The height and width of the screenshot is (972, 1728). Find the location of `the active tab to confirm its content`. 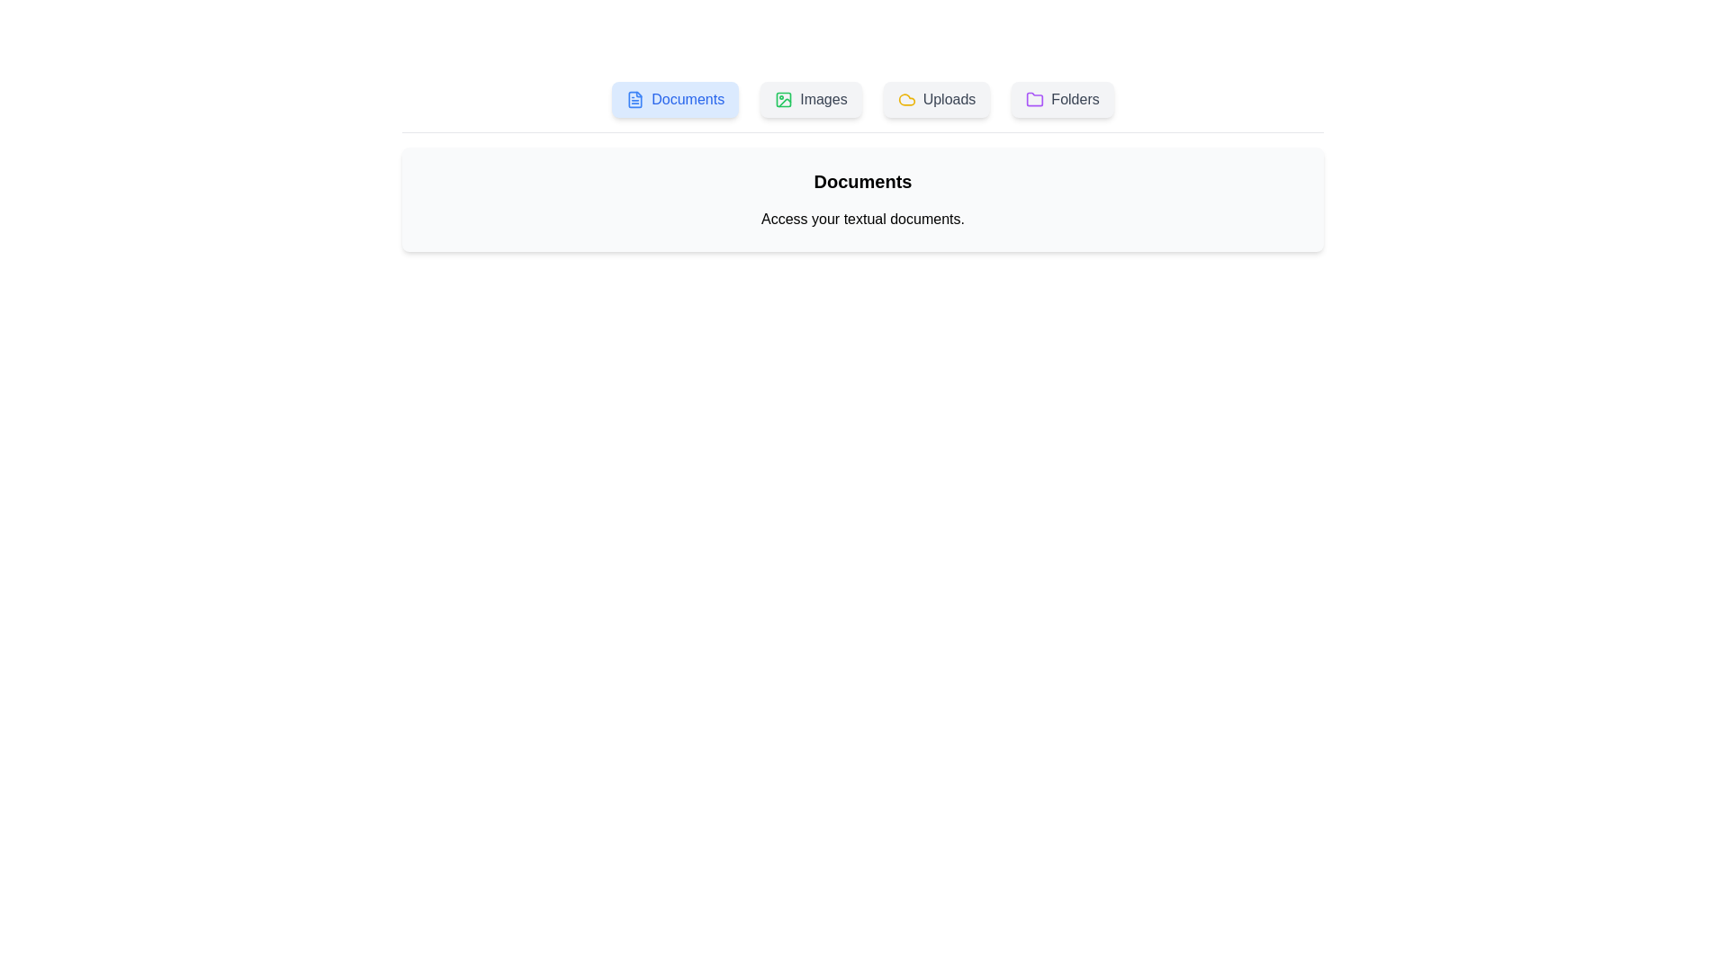

the active tab to confirm its content is located at coordinates (674, 100).